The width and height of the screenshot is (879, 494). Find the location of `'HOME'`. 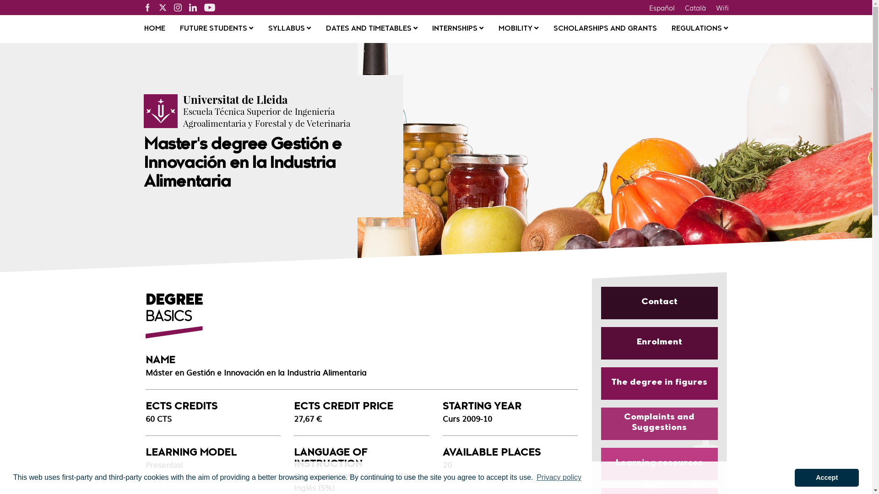

'HOME' is located at coordinates (154, 29).